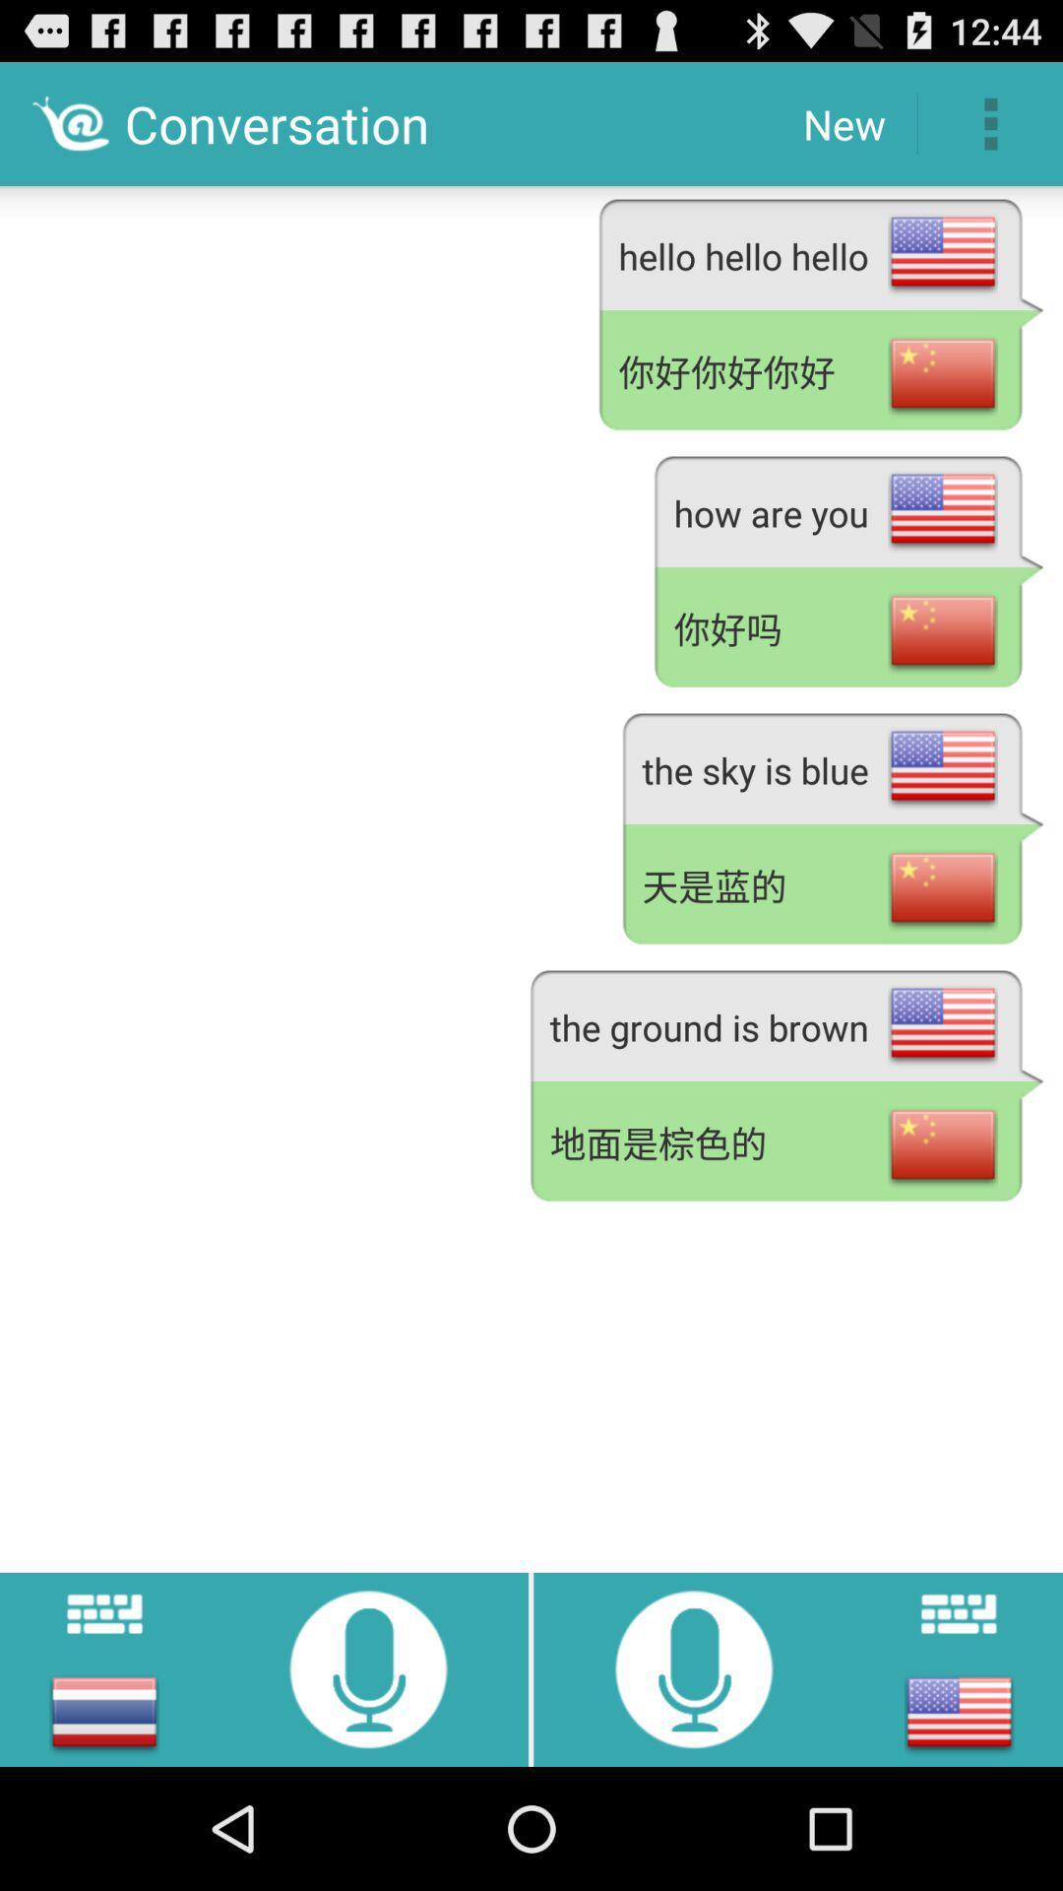 The height and width of the screenshot is (1891, 1063). What do you see at coordinates (368, 1787) in the screenshot?
I see `the microphone icon` at bounding box center [368, 1787].